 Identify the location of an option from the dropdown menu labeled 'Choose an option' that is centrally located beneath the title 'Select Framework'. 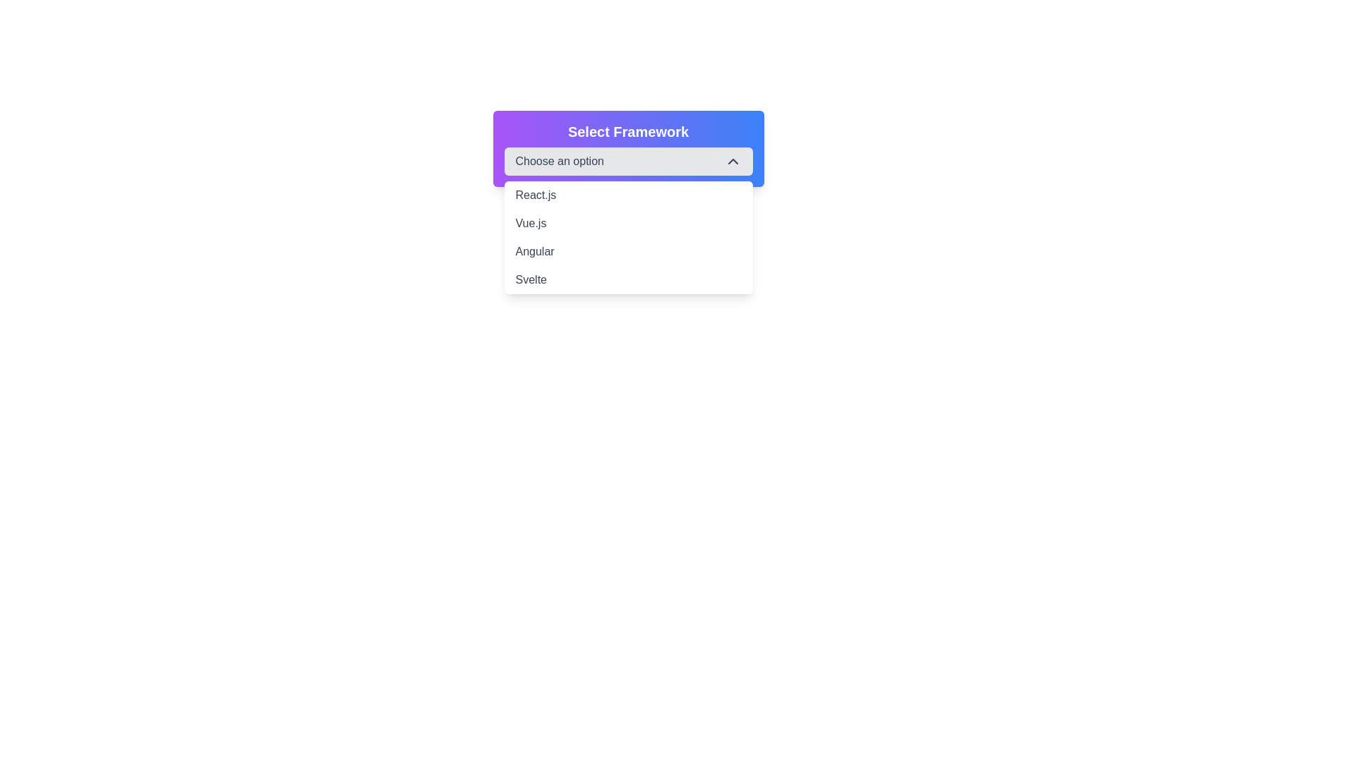
(627, 149).